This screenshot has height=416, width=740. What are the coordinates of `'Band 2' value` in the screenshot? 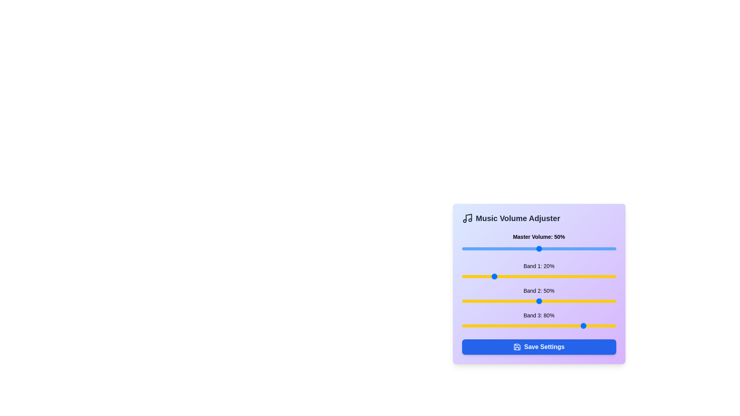 It's located at (579, 301).